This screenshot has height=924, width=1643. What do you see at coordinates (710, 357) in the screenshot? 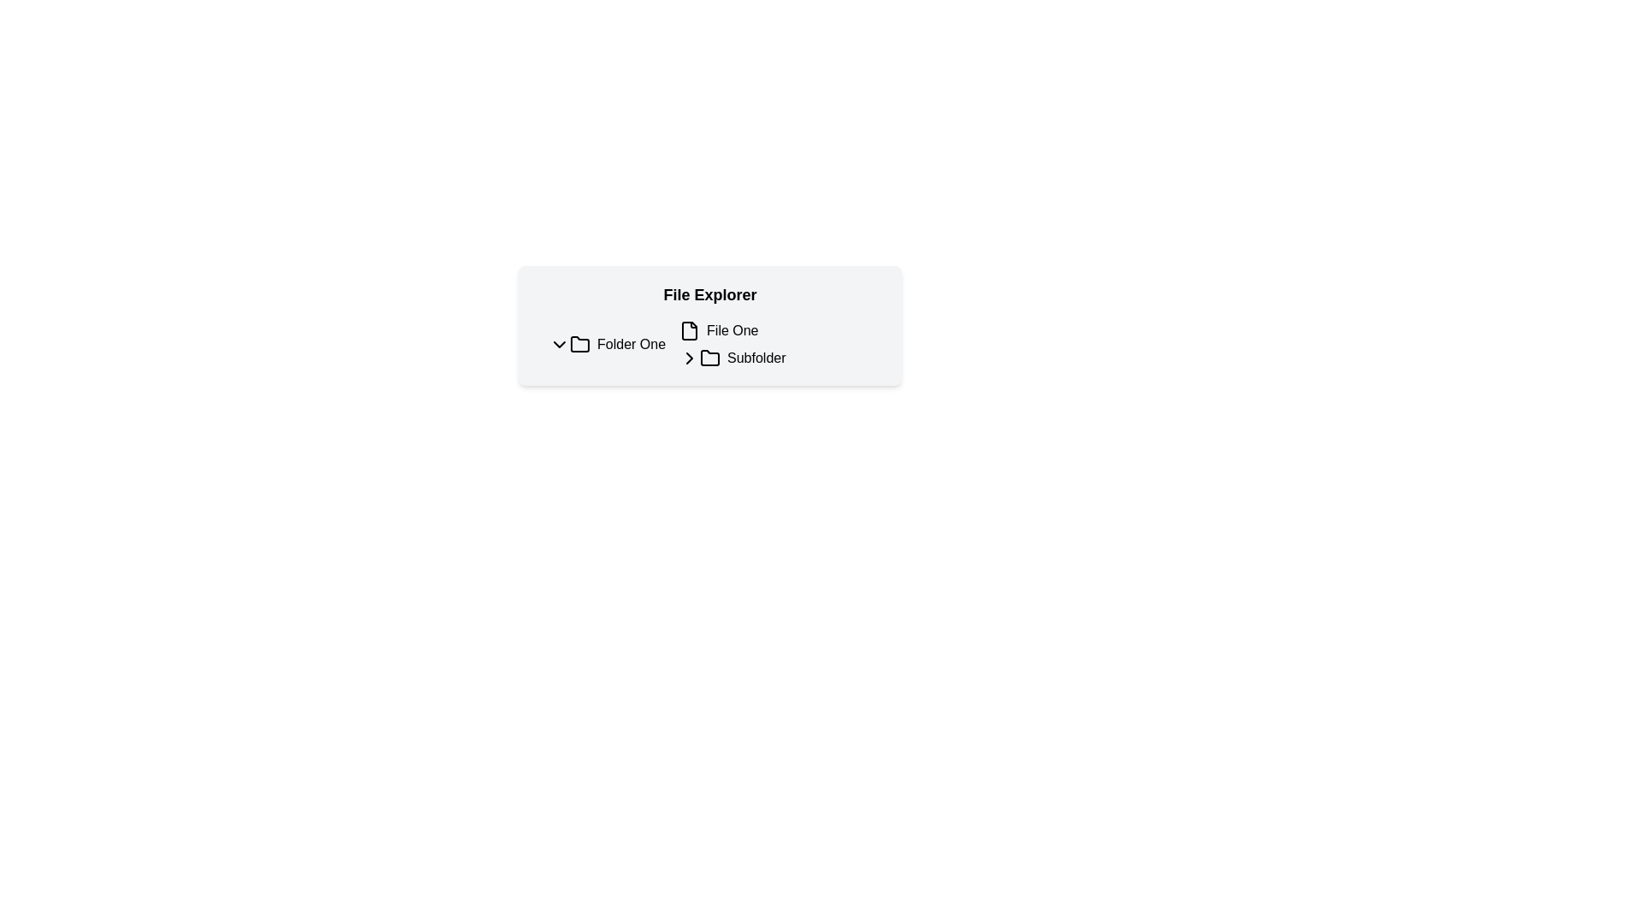
I see `the folder icon representing a subfolder in the file explorer` at bounding box center [710, 357].